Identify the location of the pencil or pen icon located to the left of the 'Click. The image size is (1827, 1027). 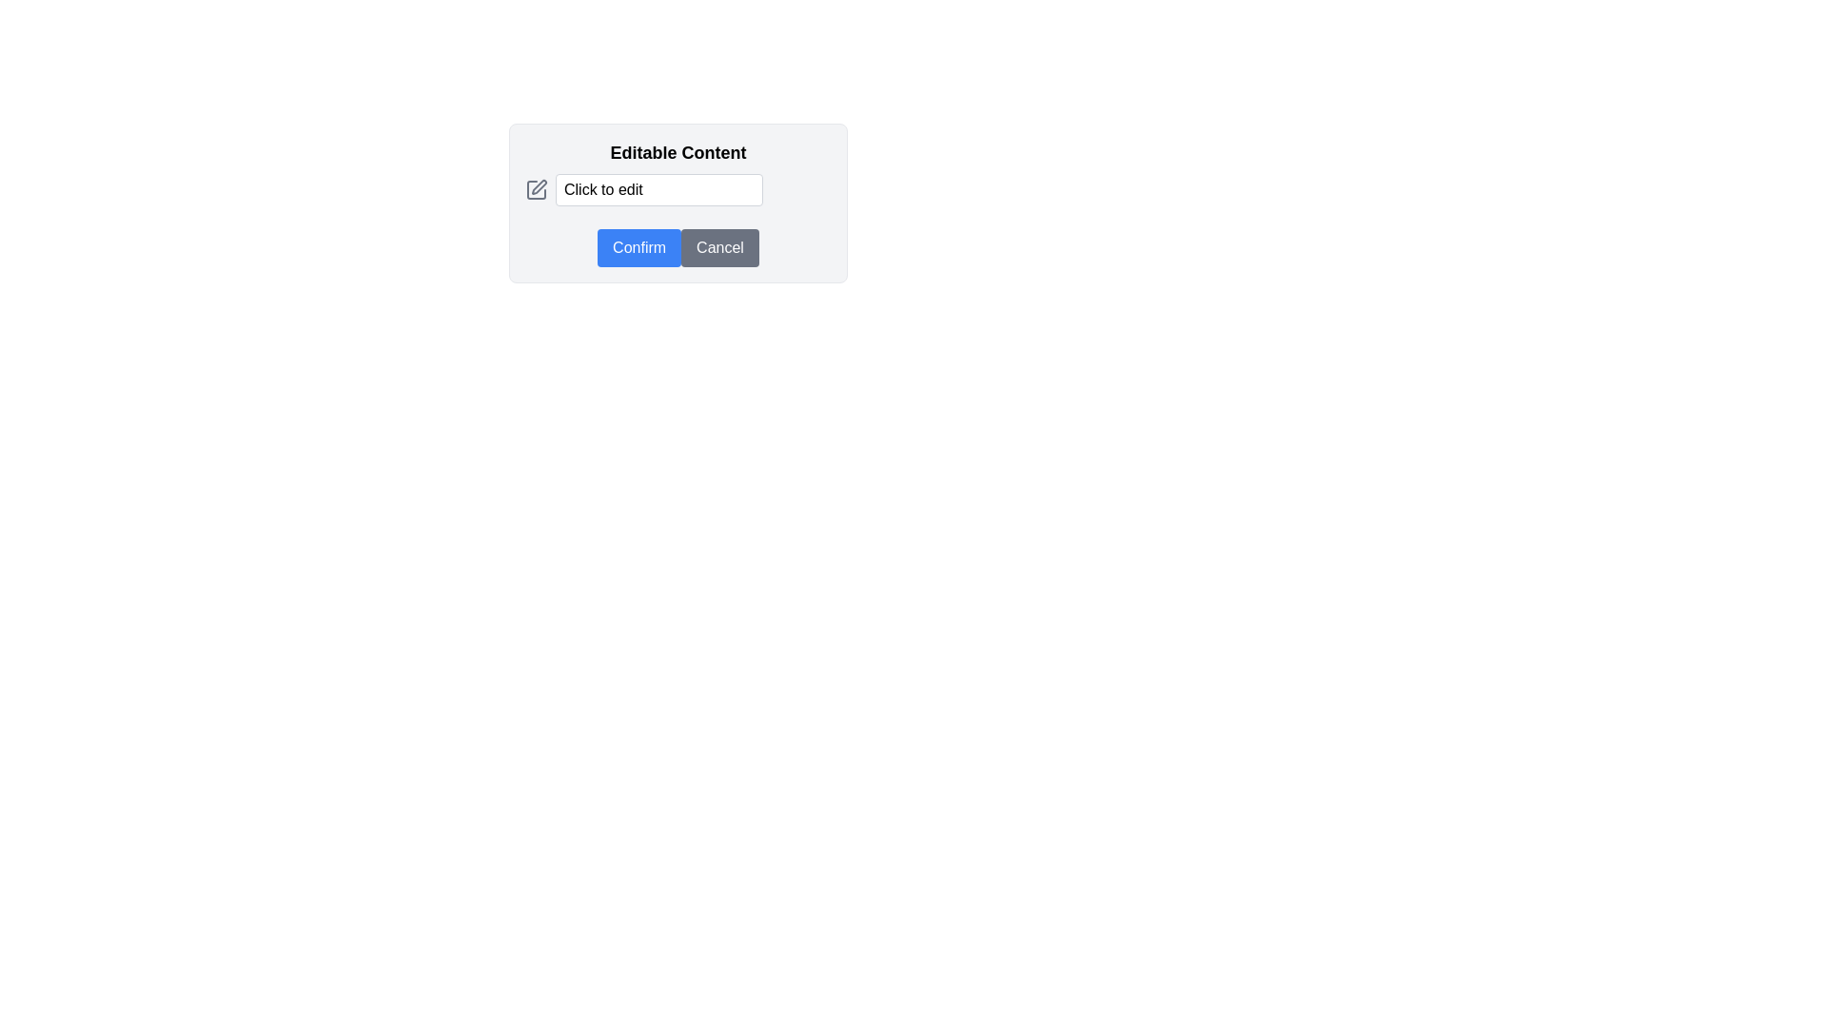
(538, 186).